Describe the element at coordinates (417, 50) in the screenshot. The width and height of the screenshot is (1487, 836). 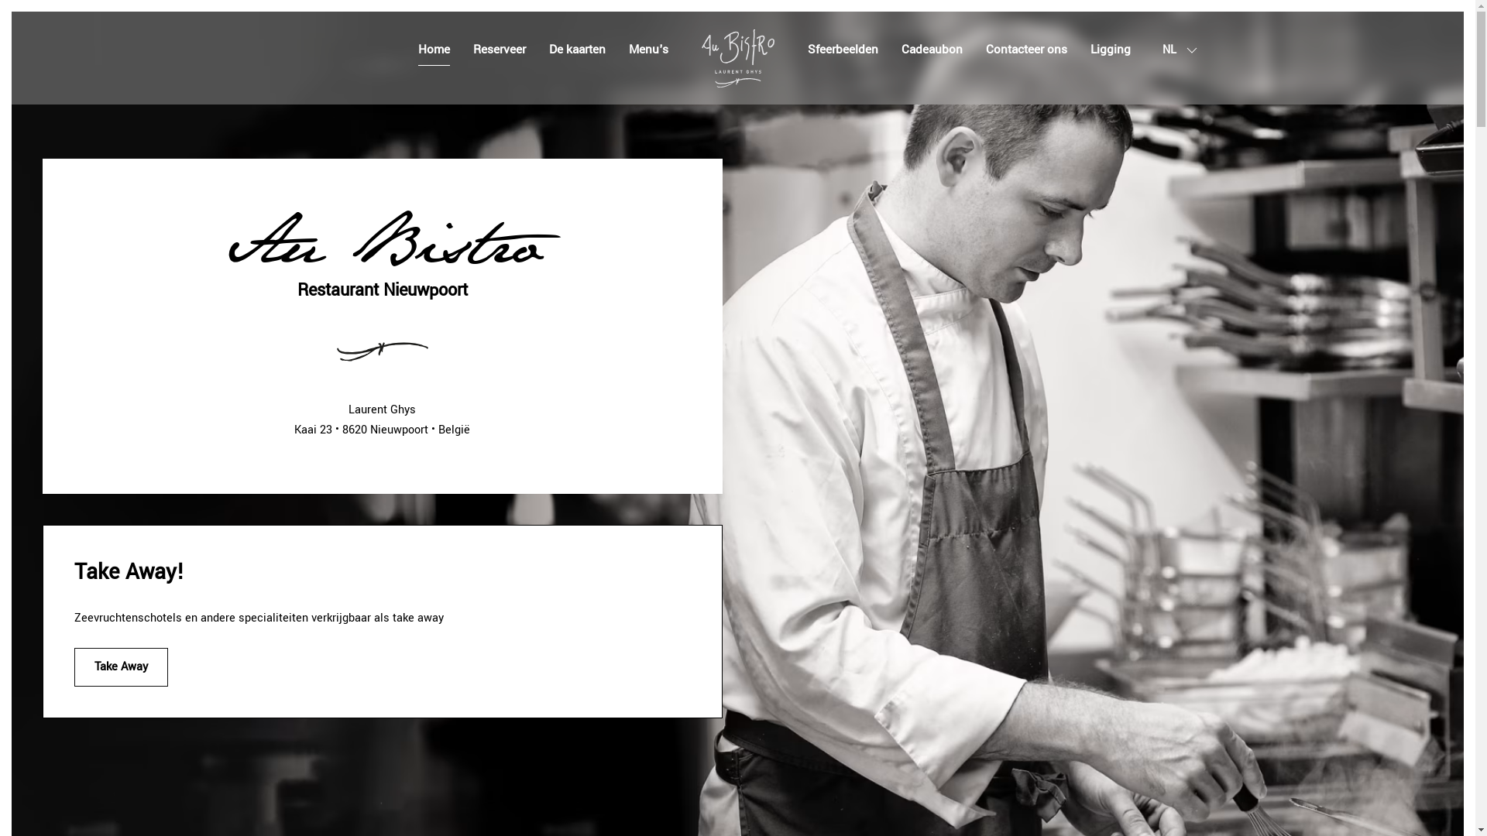
I see `'Home'` at that location.